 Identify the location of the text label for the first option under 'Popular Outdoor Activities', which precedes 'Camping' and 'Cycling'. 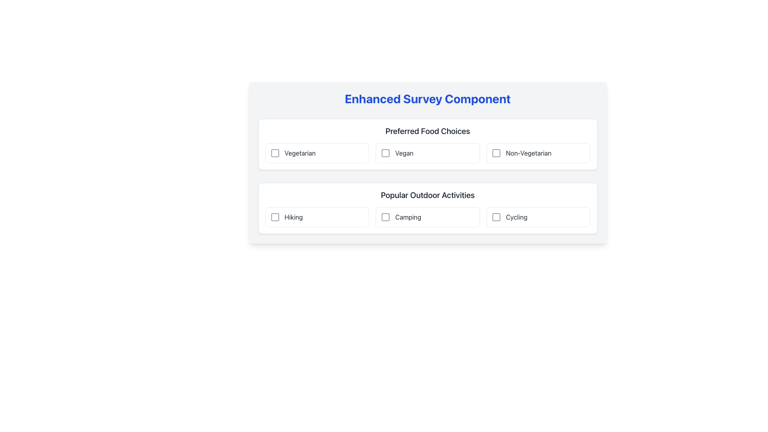
(293, 217).